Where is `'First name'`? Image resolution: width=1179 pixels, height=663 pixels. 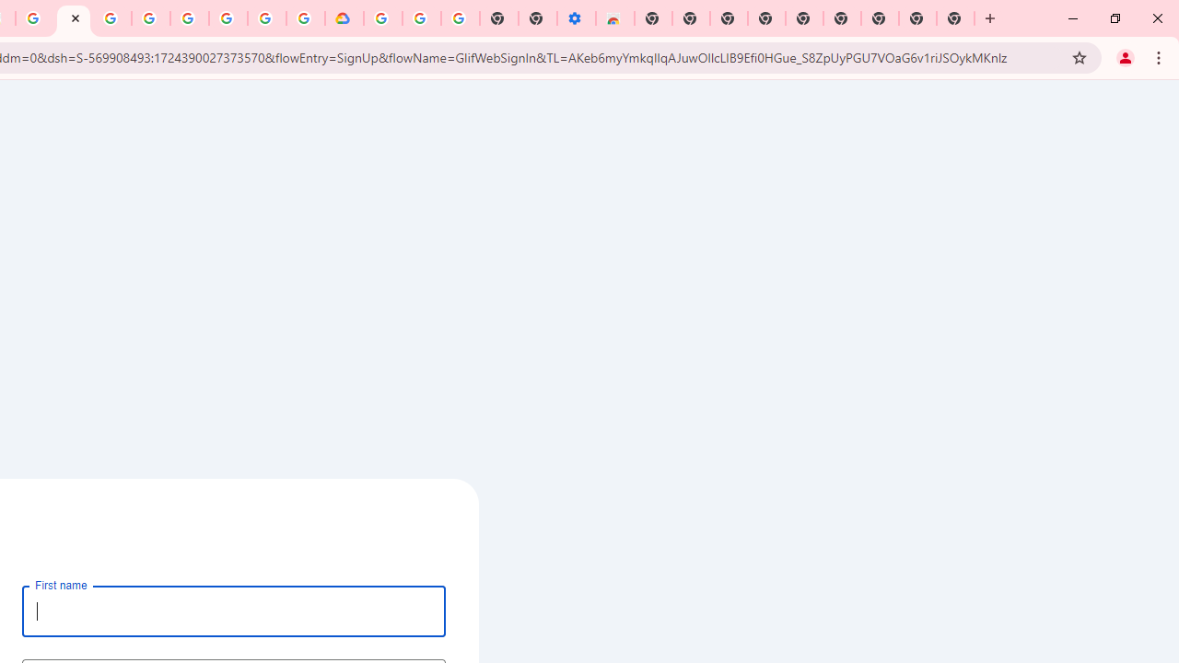 'First name' is located at coordinates (233, 611).